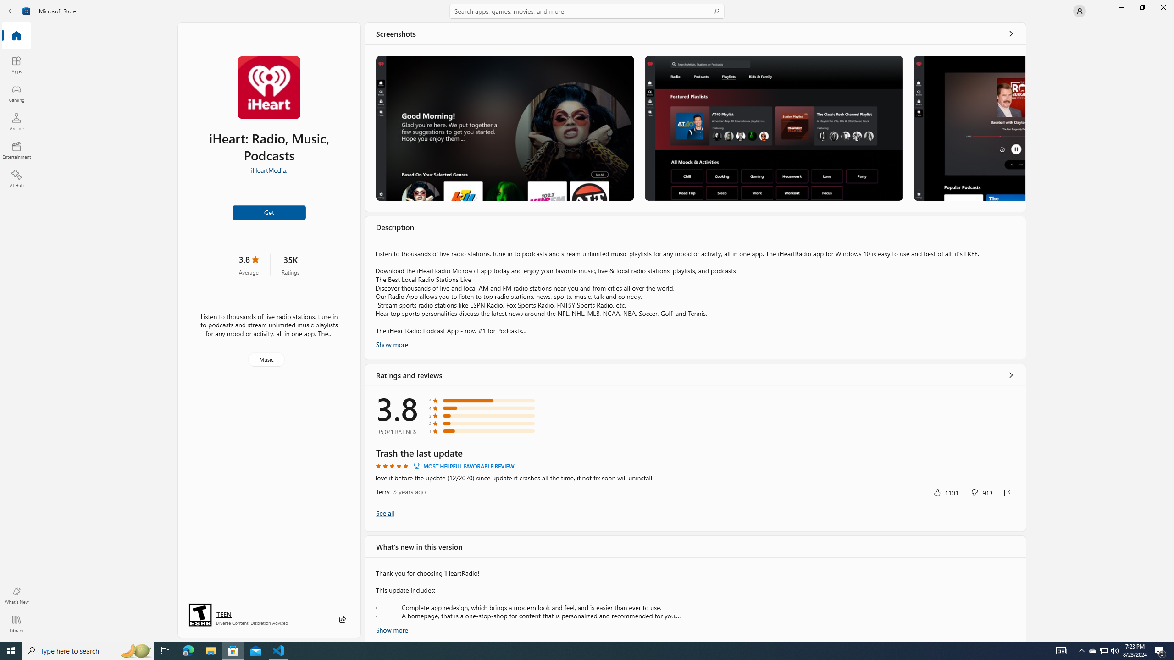 The width and height of the screenshot is (1174, 660). What do you see at coordinates (385, 512) in the screenshot?
I see `'Show all ratings and reviews'` at bounding box center [385, 512].